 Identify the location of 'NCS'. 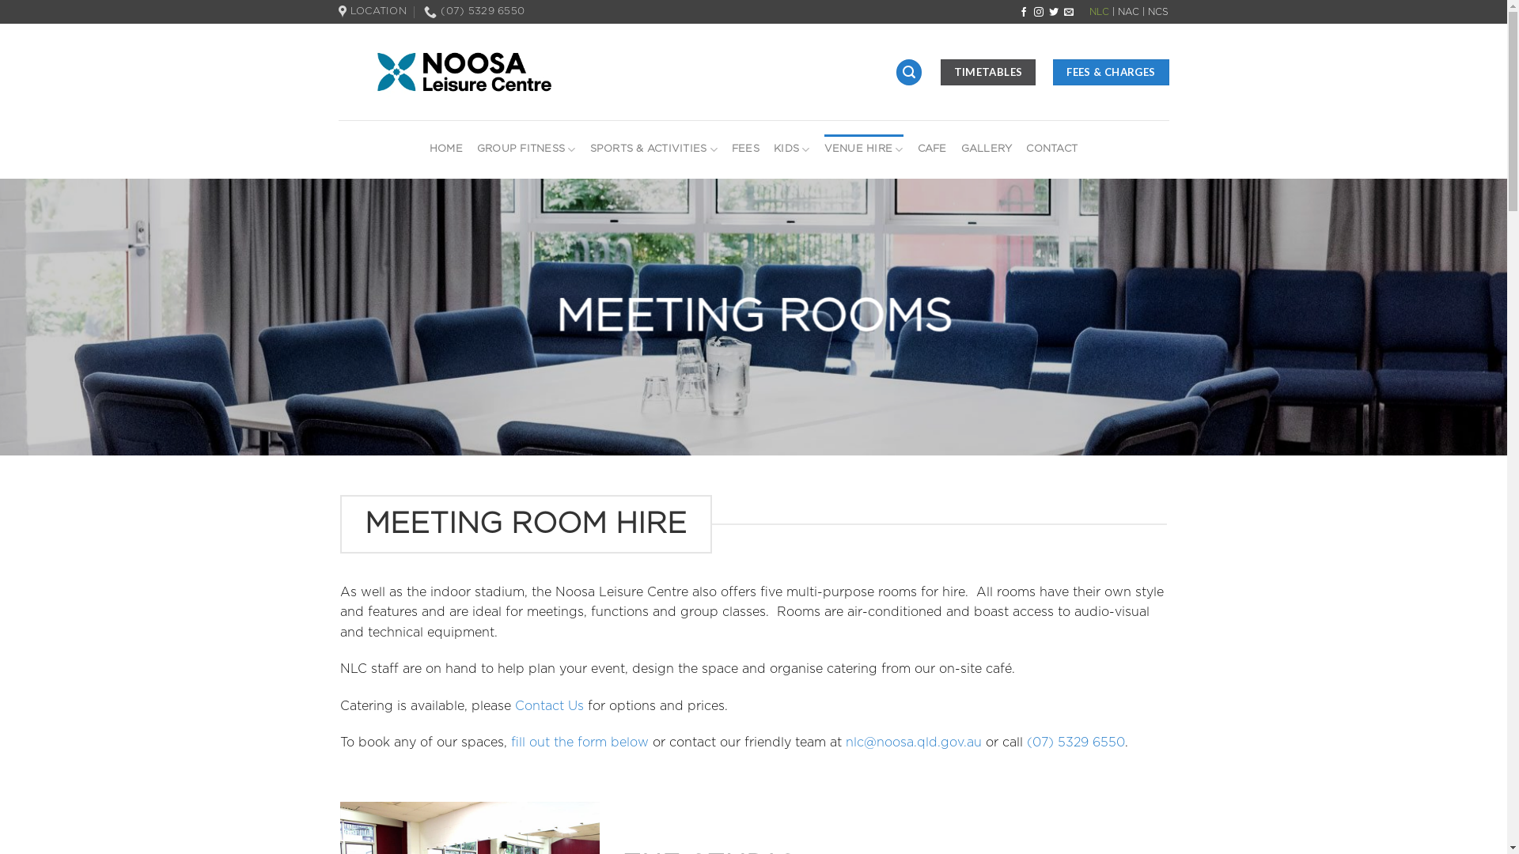
(1158, 12).